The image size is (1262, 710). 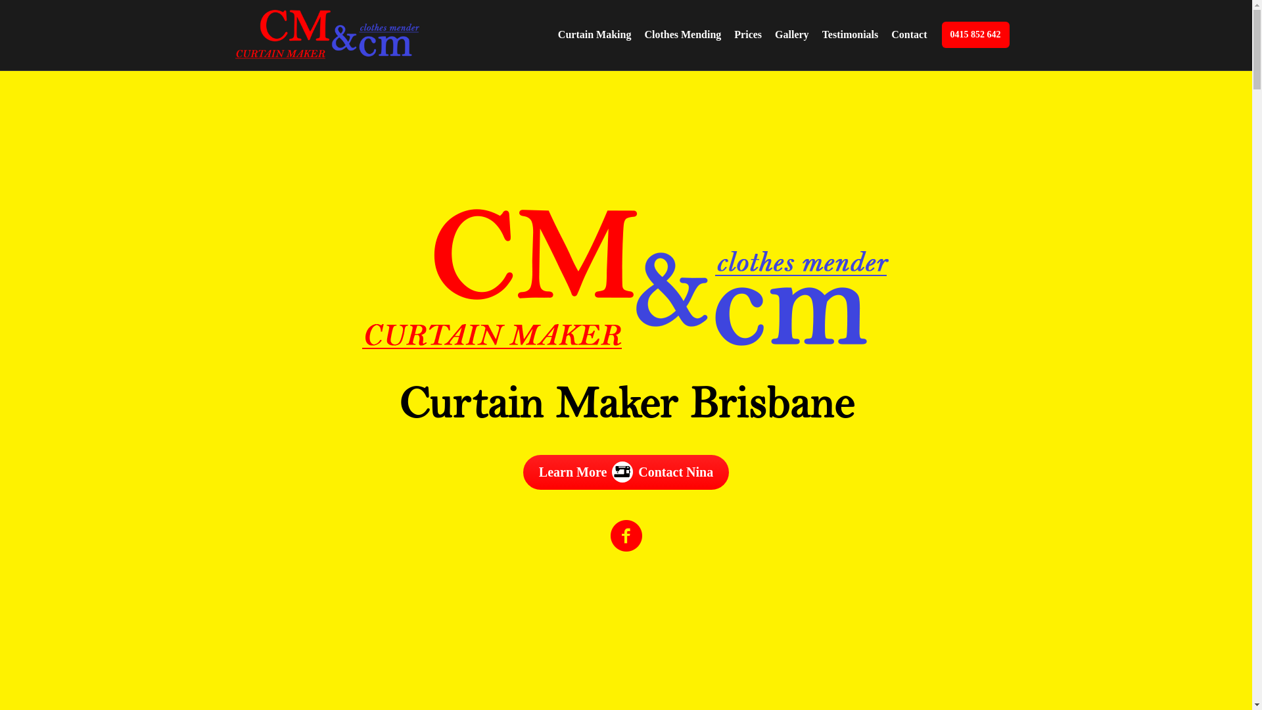 I want to click on '0415 852 642', so click(x=975, y=34).